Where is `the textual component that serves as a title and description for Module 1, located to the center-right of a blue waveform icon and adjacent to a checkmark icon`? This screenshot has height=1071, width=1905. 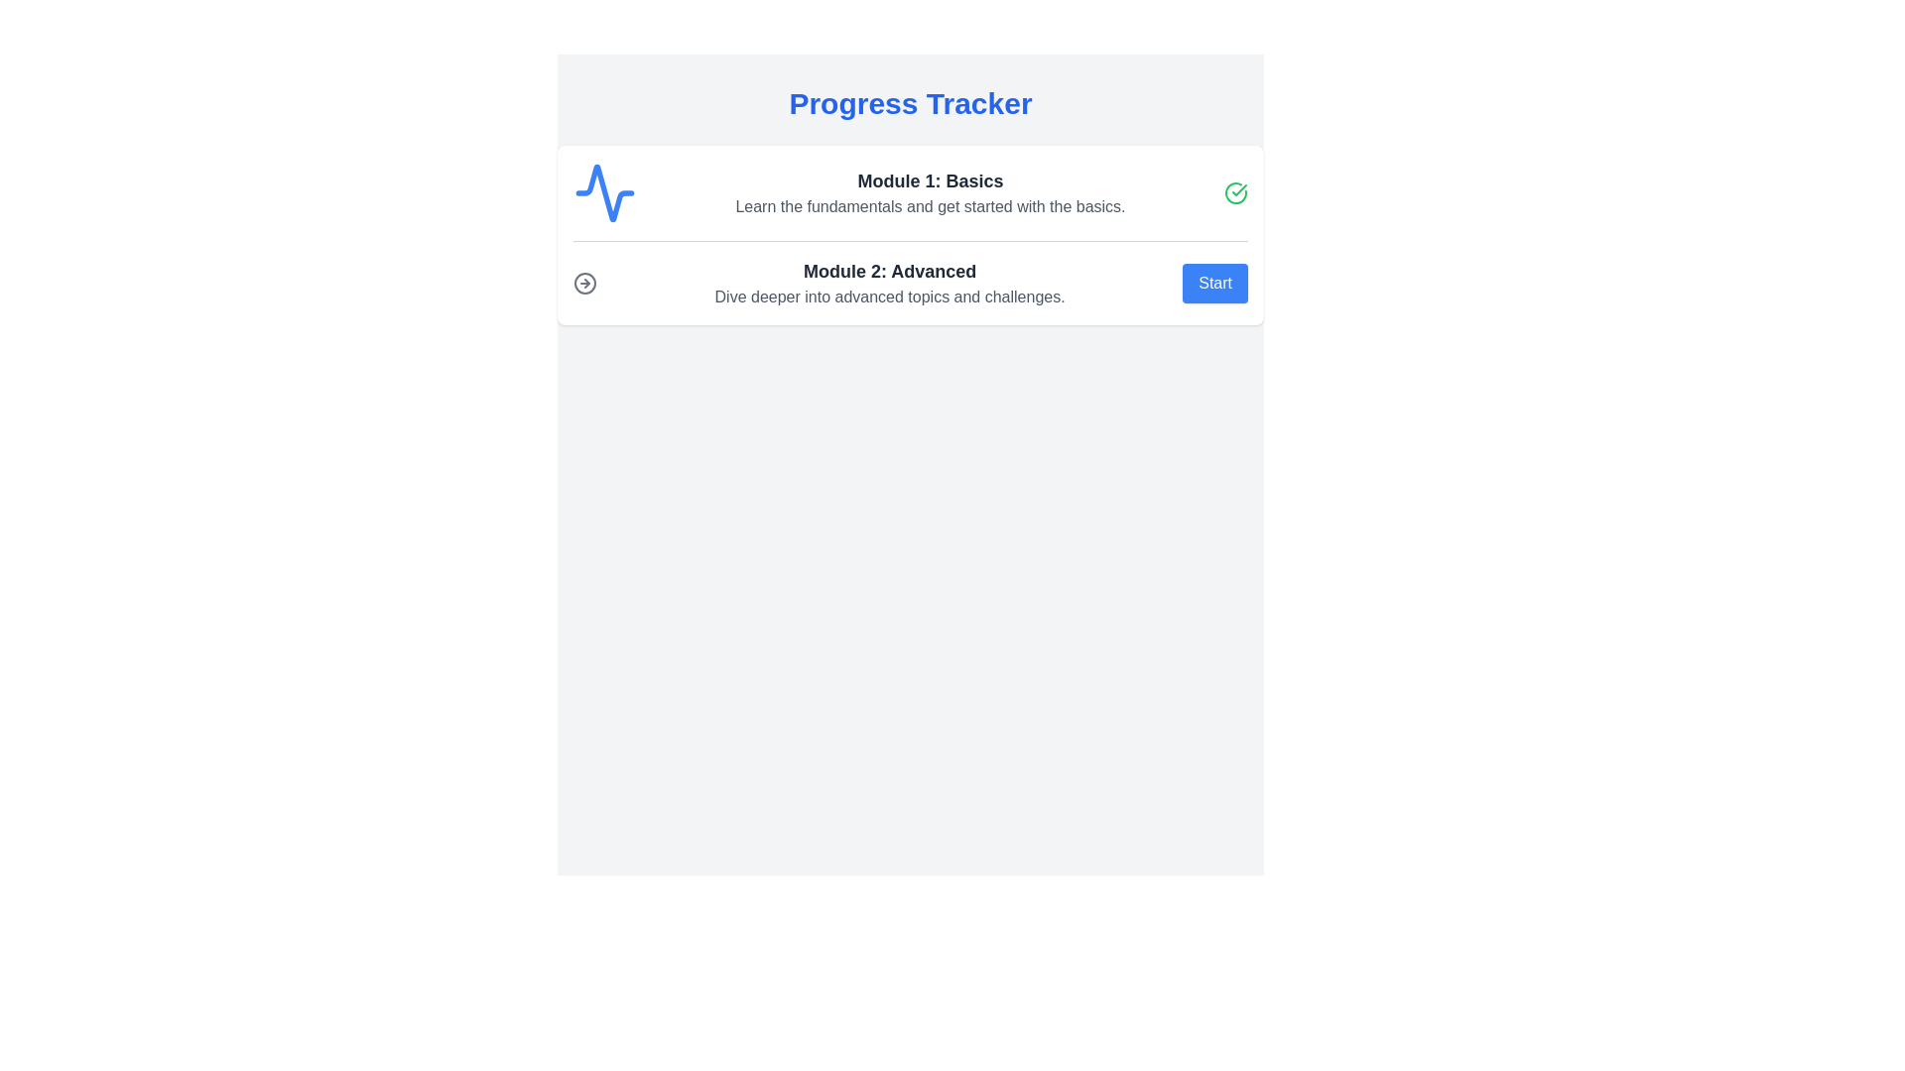
the textual component that serves as a title and description for Module 1, located to the center-right of a blue waveform icon and adjacent to a checkmark icon is located at coordinates (929, 193).